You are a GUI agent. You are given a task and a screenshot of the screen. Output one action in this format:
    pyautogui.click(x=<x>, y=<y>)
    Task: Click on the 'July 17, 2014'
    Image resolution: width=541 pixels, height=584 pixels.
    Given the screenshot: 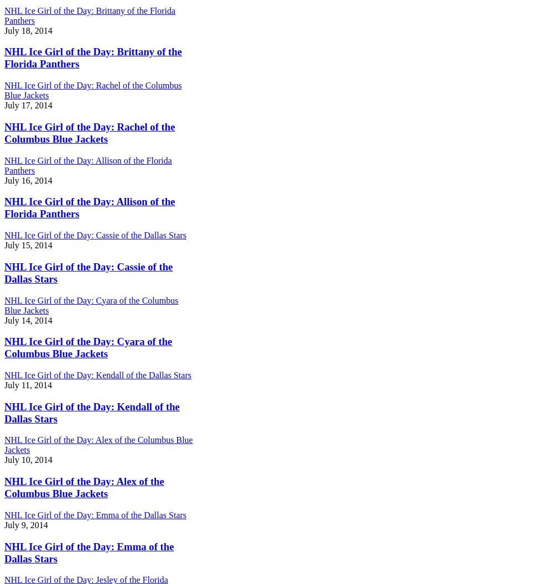 What is the action you would take?
    pyautogui.click(x=28, y=105)
    